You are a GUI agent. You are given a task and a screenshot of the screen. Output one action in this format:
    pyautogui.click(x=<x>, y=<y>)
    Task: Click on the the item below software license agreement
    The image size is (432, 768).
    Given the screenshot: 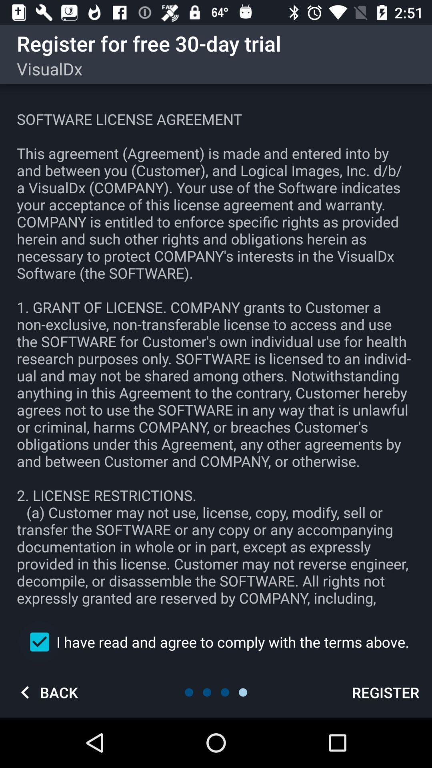 What is the action you would take?
    pyautogui.click(x=216, y=642)
    